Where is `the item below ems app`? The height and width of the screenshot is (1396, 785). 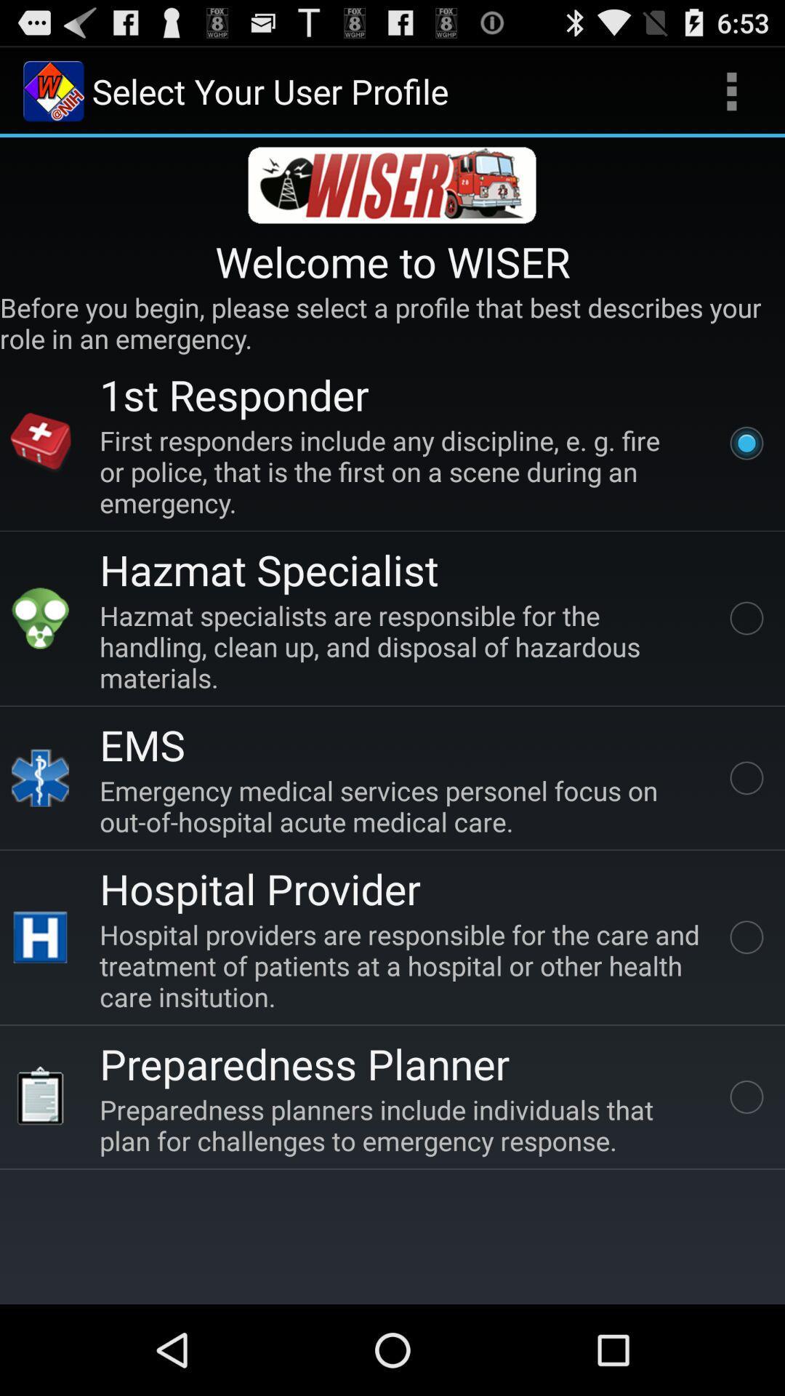 the item below ems app is located at coordinates (403, 805).